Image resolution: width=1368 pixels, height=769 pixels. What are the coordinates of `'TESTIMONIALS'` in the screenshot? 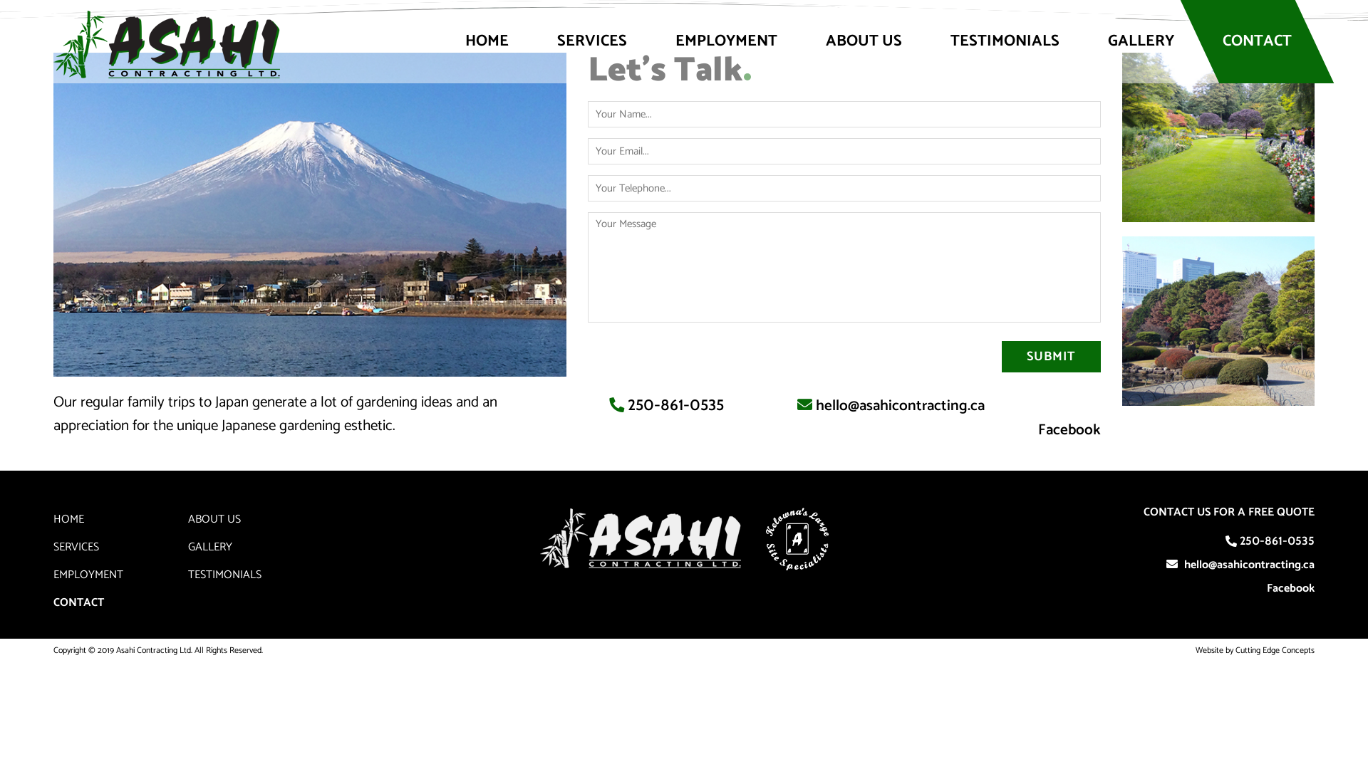 It's located at (187, 574).